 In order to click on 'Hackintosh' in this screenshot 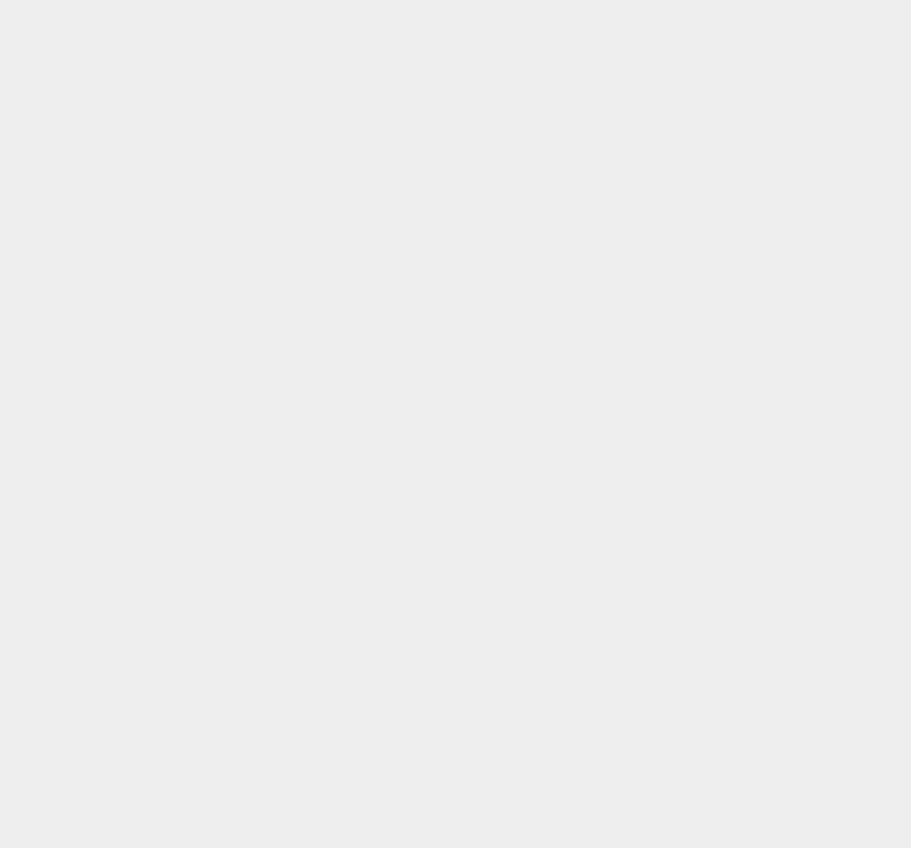, I will do `click(671, 17)`.